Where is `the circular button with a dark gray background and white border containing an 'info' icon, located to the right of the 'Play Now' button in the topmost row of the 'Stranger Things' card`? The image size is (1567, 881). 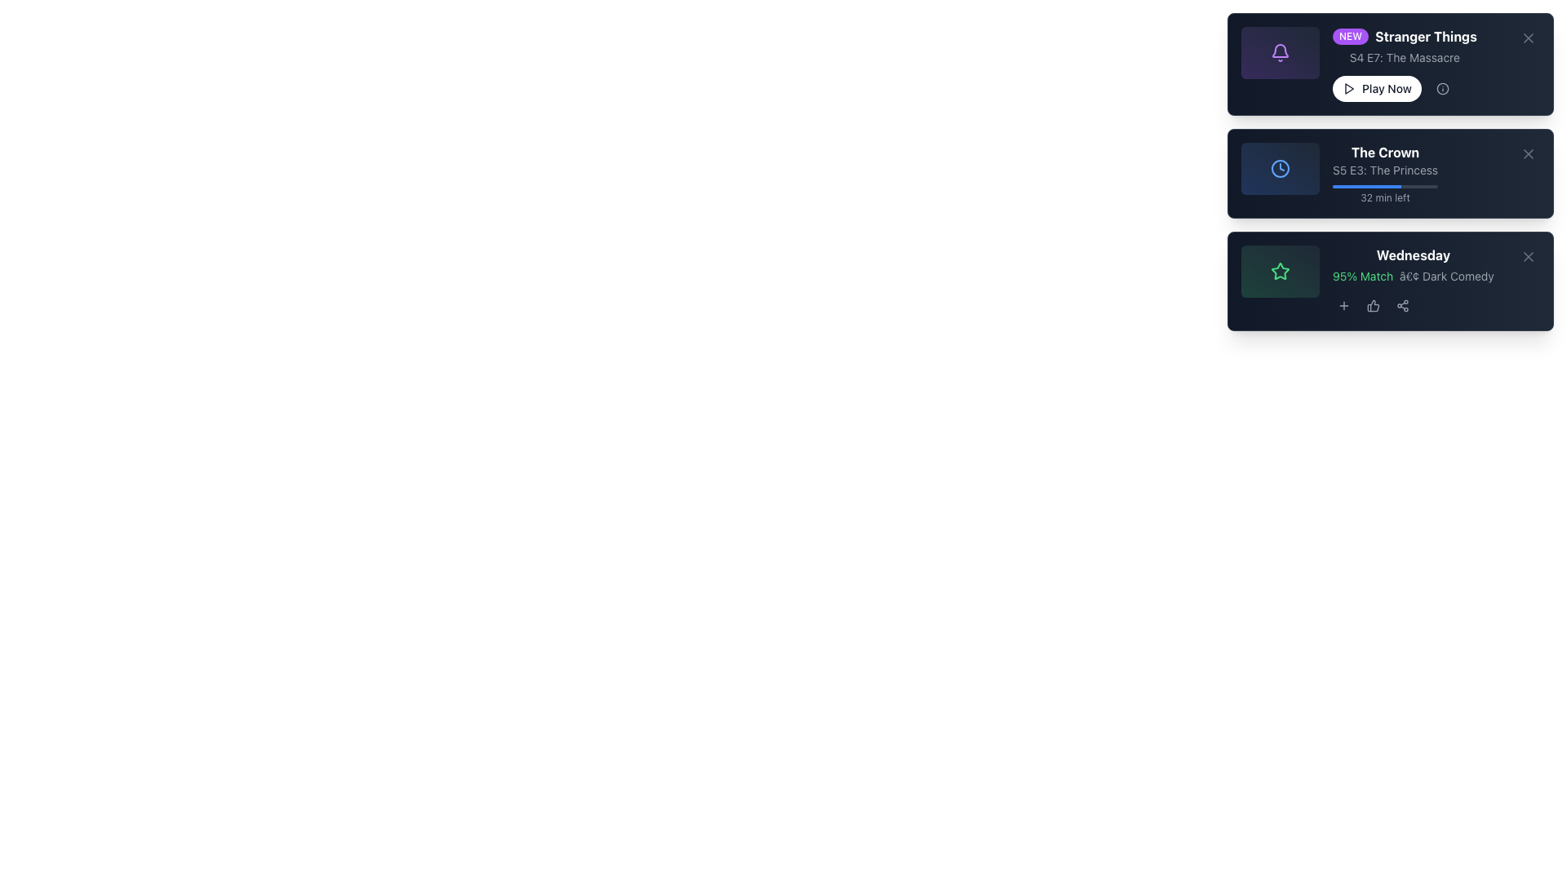 the circular button with a dark gray background and white border containing an 'info' icon, located to the right of the 'Play Now' button in the topmost row of the 'Stranger Things' card is located at coordinates (1442, 88).